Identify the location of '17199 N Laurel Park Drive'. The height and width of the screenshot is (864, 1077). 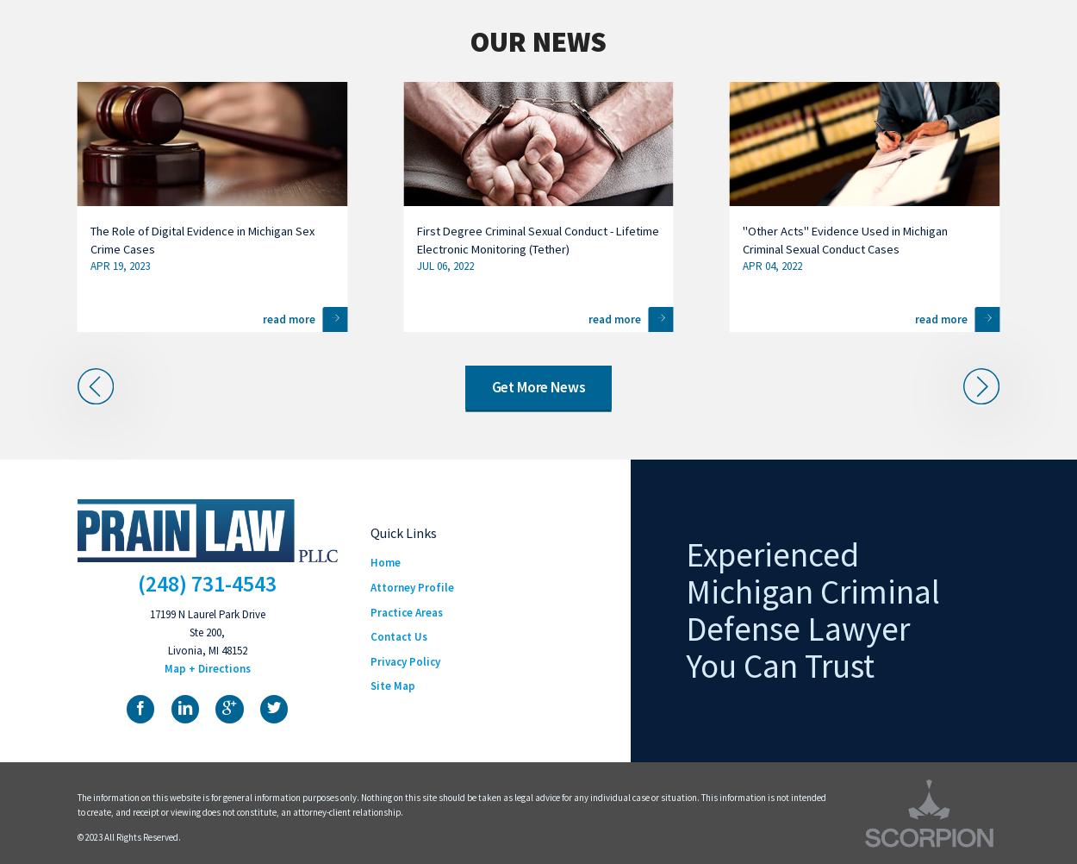
(206, 614).